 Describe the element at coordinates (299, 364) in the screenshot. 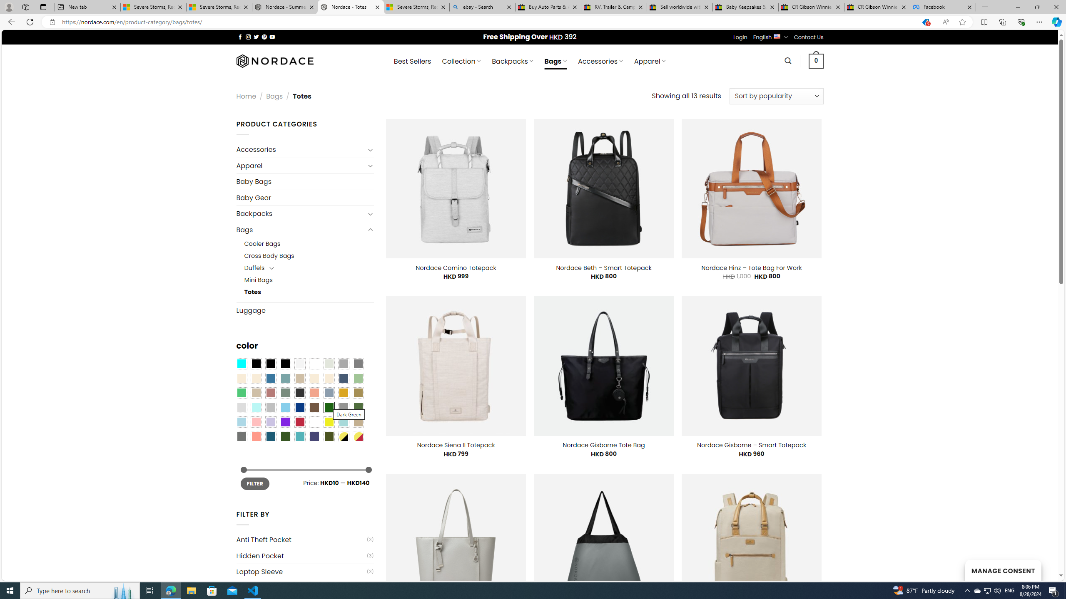

I see `'Pearly White'` at that location.